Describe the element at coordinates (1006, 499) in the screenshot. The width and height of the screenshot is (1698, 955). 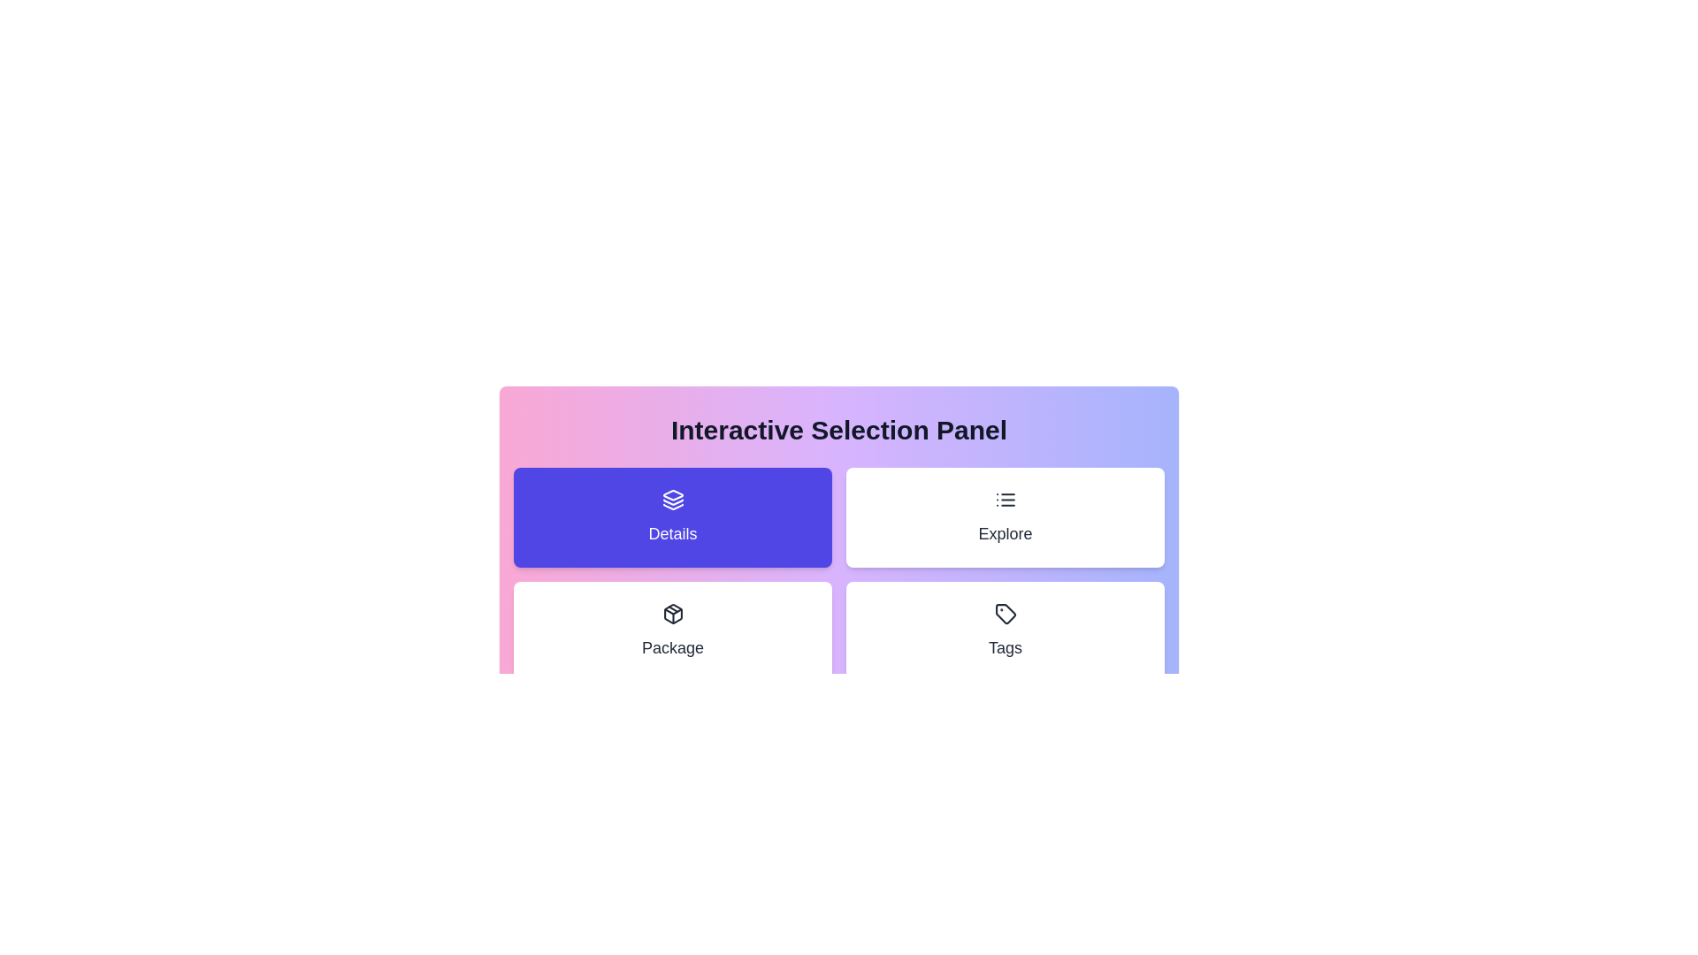
I see `the icon consisting of three horizontal lines, located within the 'Explore' tile at the top-right corner of the grid layout` at that location.